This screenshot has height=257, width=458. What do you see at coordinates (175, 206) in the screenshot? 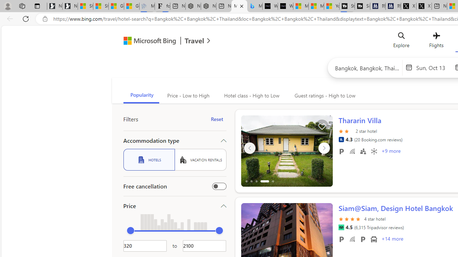
I see `'Price'` at bounding box center [175, 206].